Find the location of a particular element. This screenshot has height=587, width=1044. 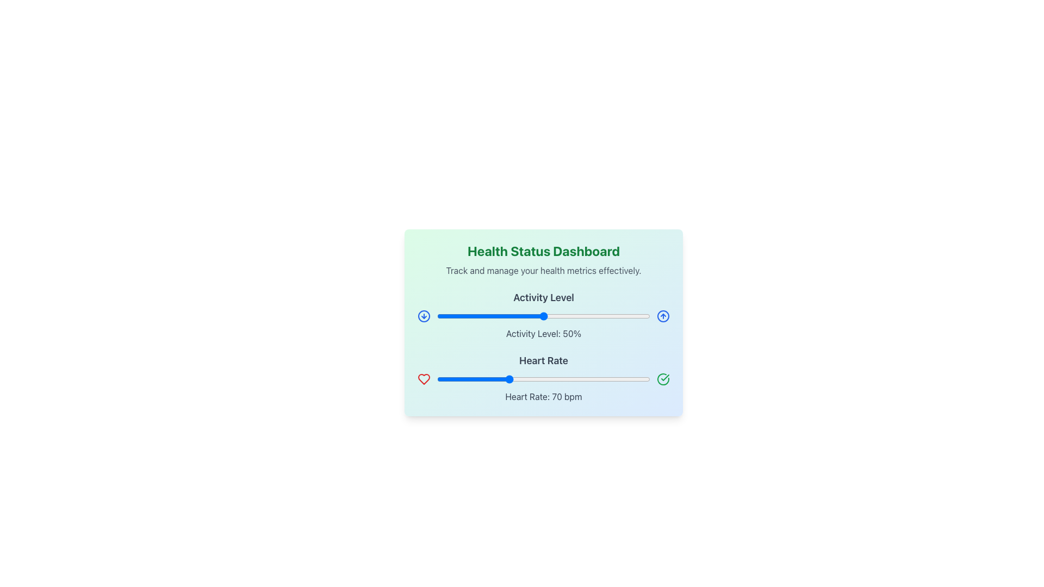

the activity level is located at coordinates (568, 316).